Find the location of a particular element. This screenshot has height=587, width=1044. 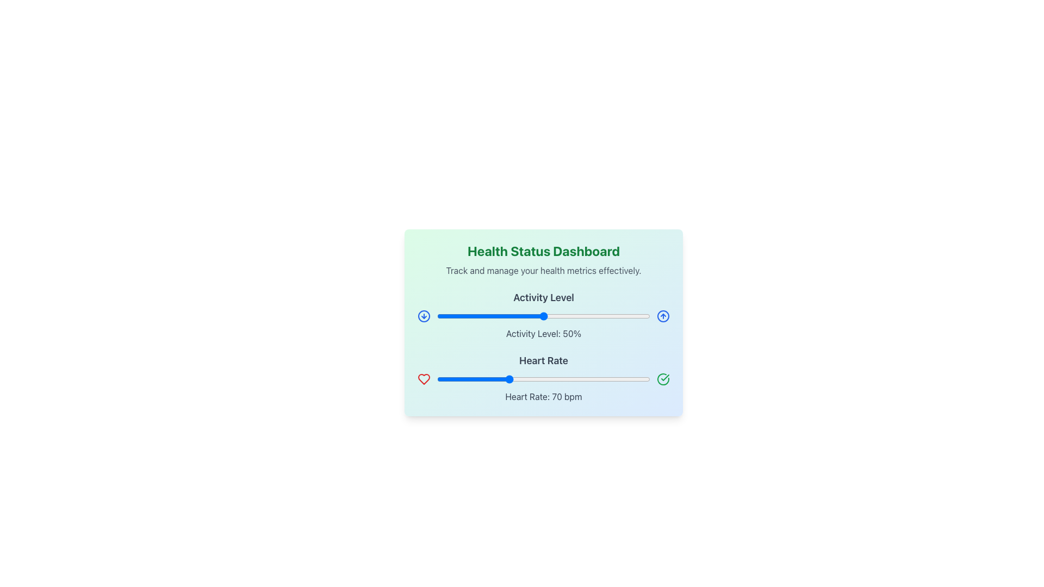

the activity level is located at coordinates (568, 316).